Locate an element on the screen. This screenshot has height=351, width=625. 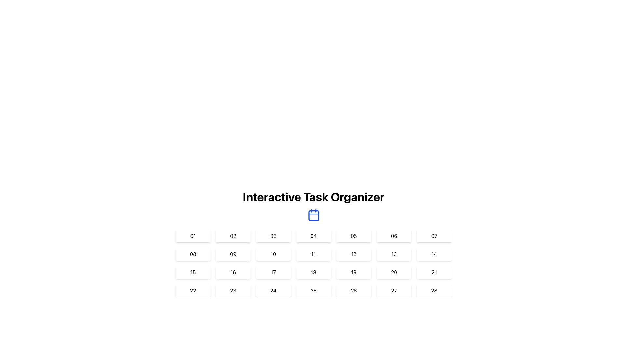
the rectangular-shaped button labeled '04' with a light gray background, which is positioned in the first row and fourth column of the grid is located at coordinates (313, 236).